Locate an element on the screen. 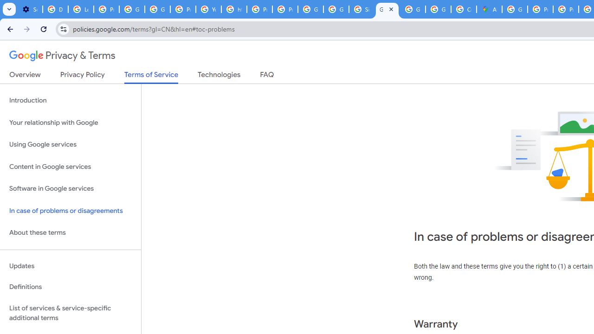 Image resolution: width=594 pixels, height=334 pixels. 'Create your Google Account' is located at coordinates (464, 9).